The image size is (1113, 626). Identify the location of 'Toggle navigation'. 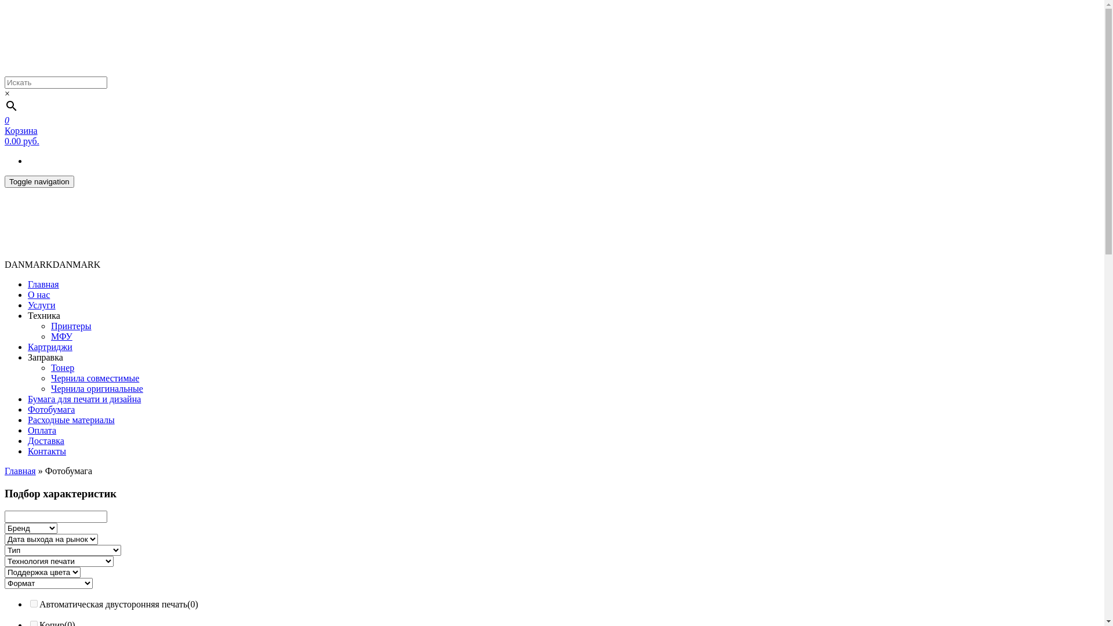
(39, 181).